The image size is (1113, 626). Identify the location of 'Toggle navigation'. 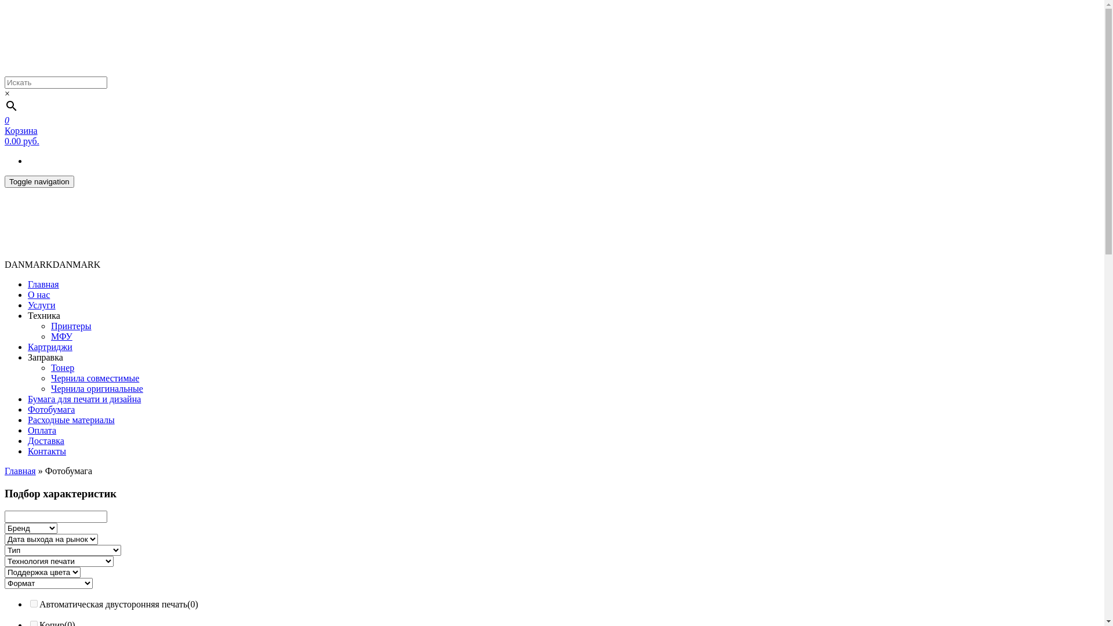
(39, 181).